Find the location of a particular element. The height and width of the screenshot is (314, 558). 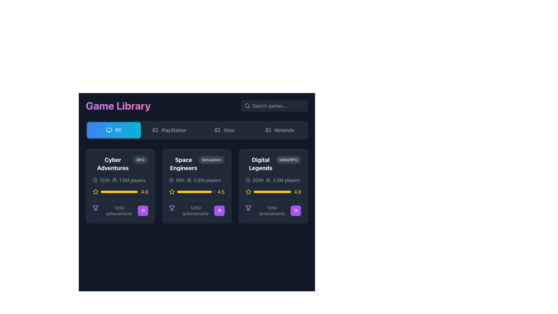

the text label displaying 'Cyber Adventures' to trigger additional effects such as animations or tooltips is located at coordinates (120, 164).